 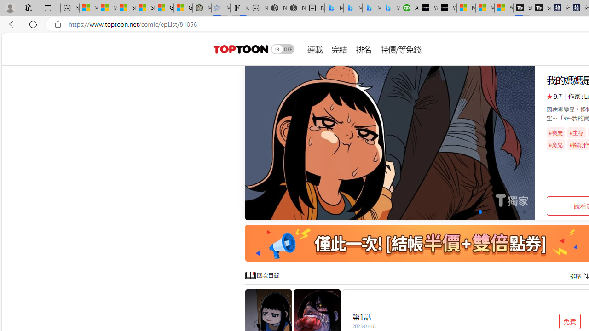 I want to click on 'Back', so click(x=11, y=23).